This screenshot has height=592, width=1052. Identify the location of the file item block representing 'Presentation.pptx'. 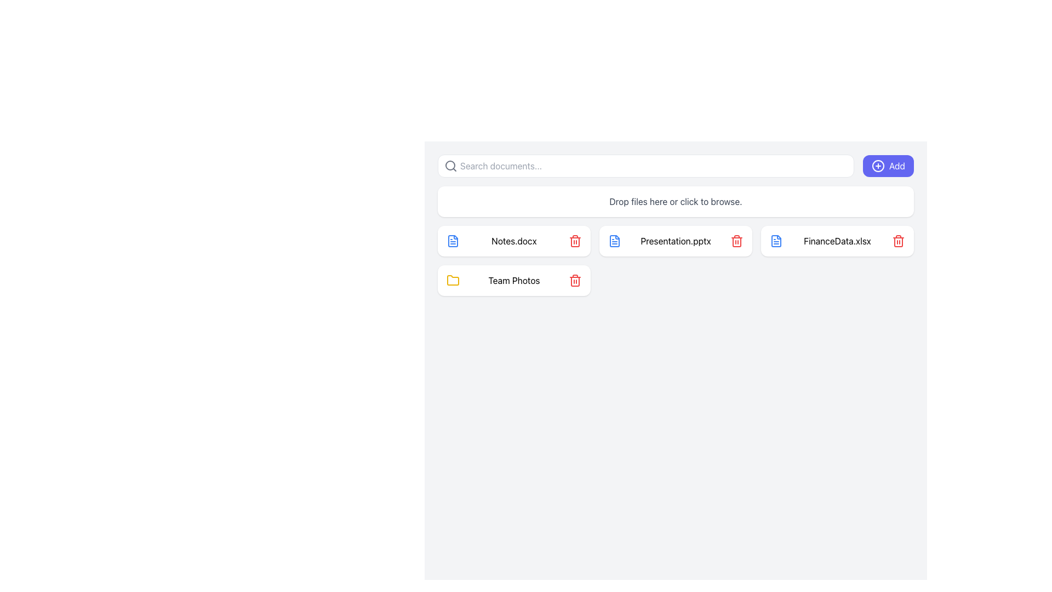
(675, 240).